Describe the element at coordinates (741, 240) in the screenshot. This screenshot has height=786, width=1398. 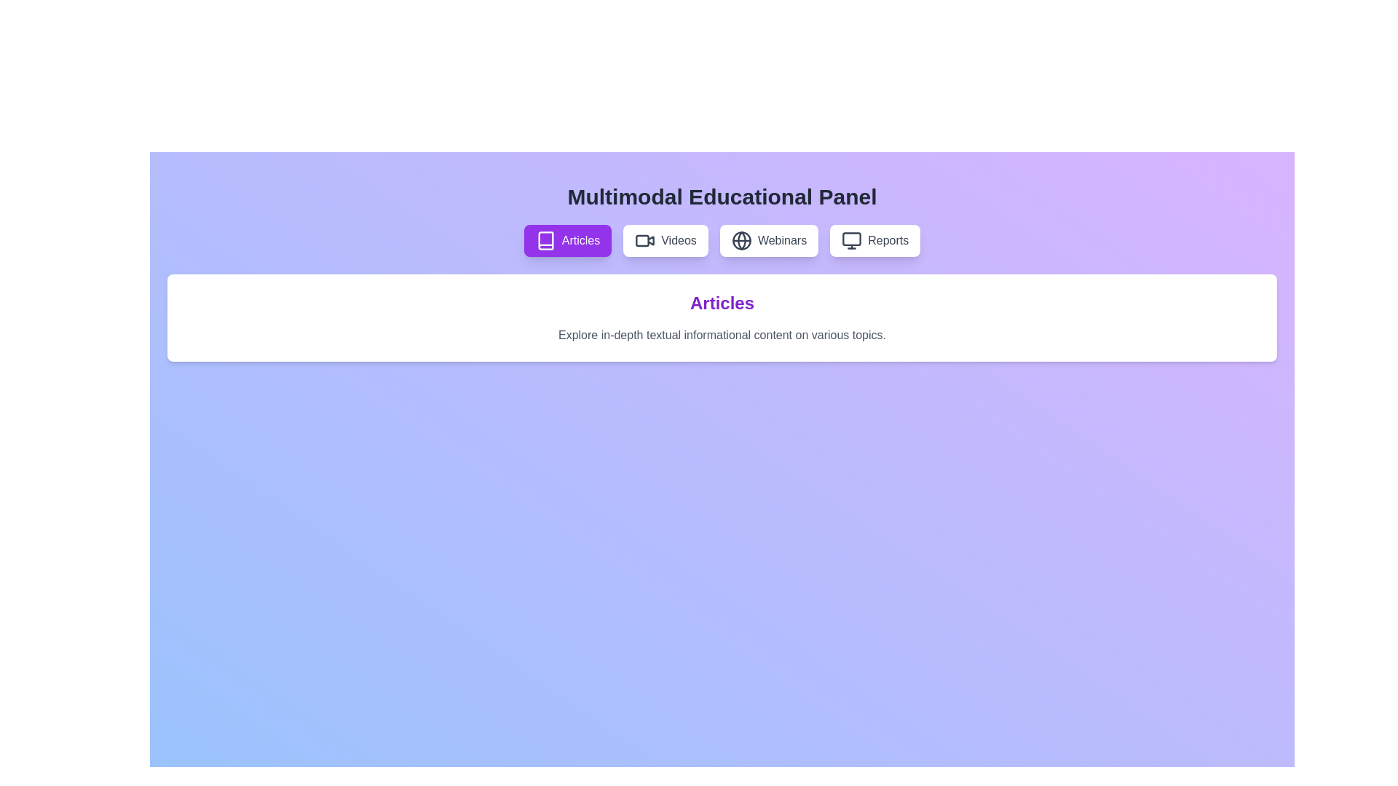
I see `the 'Webinars' button, which is the third button in a horizontal row of four buttons, located at the top center of the interface. This button features a globe icon on the left side, styled with a thin, rounded outline and a monochromatic color scheme` at that location.